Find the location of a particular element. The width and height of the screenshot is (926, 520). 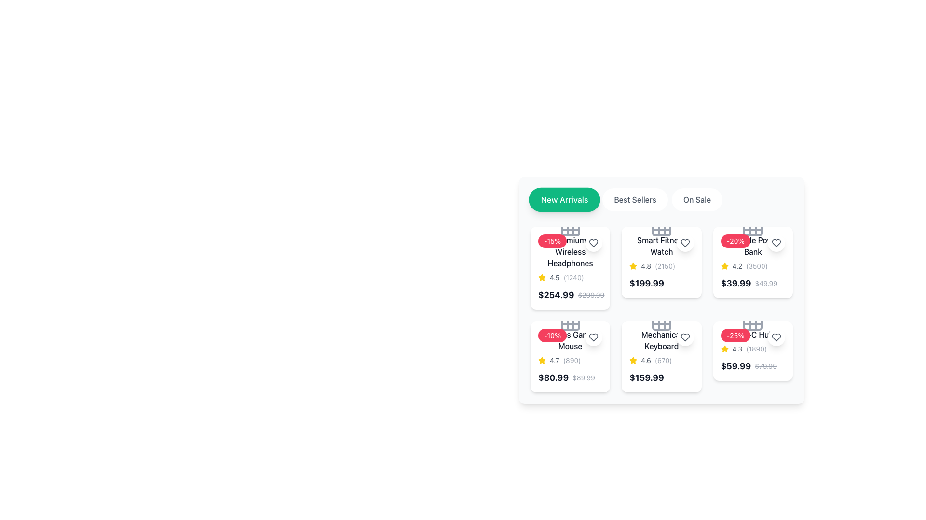

the fourth card in the grid layout on the bottom row is located at coordinates (661, 356).